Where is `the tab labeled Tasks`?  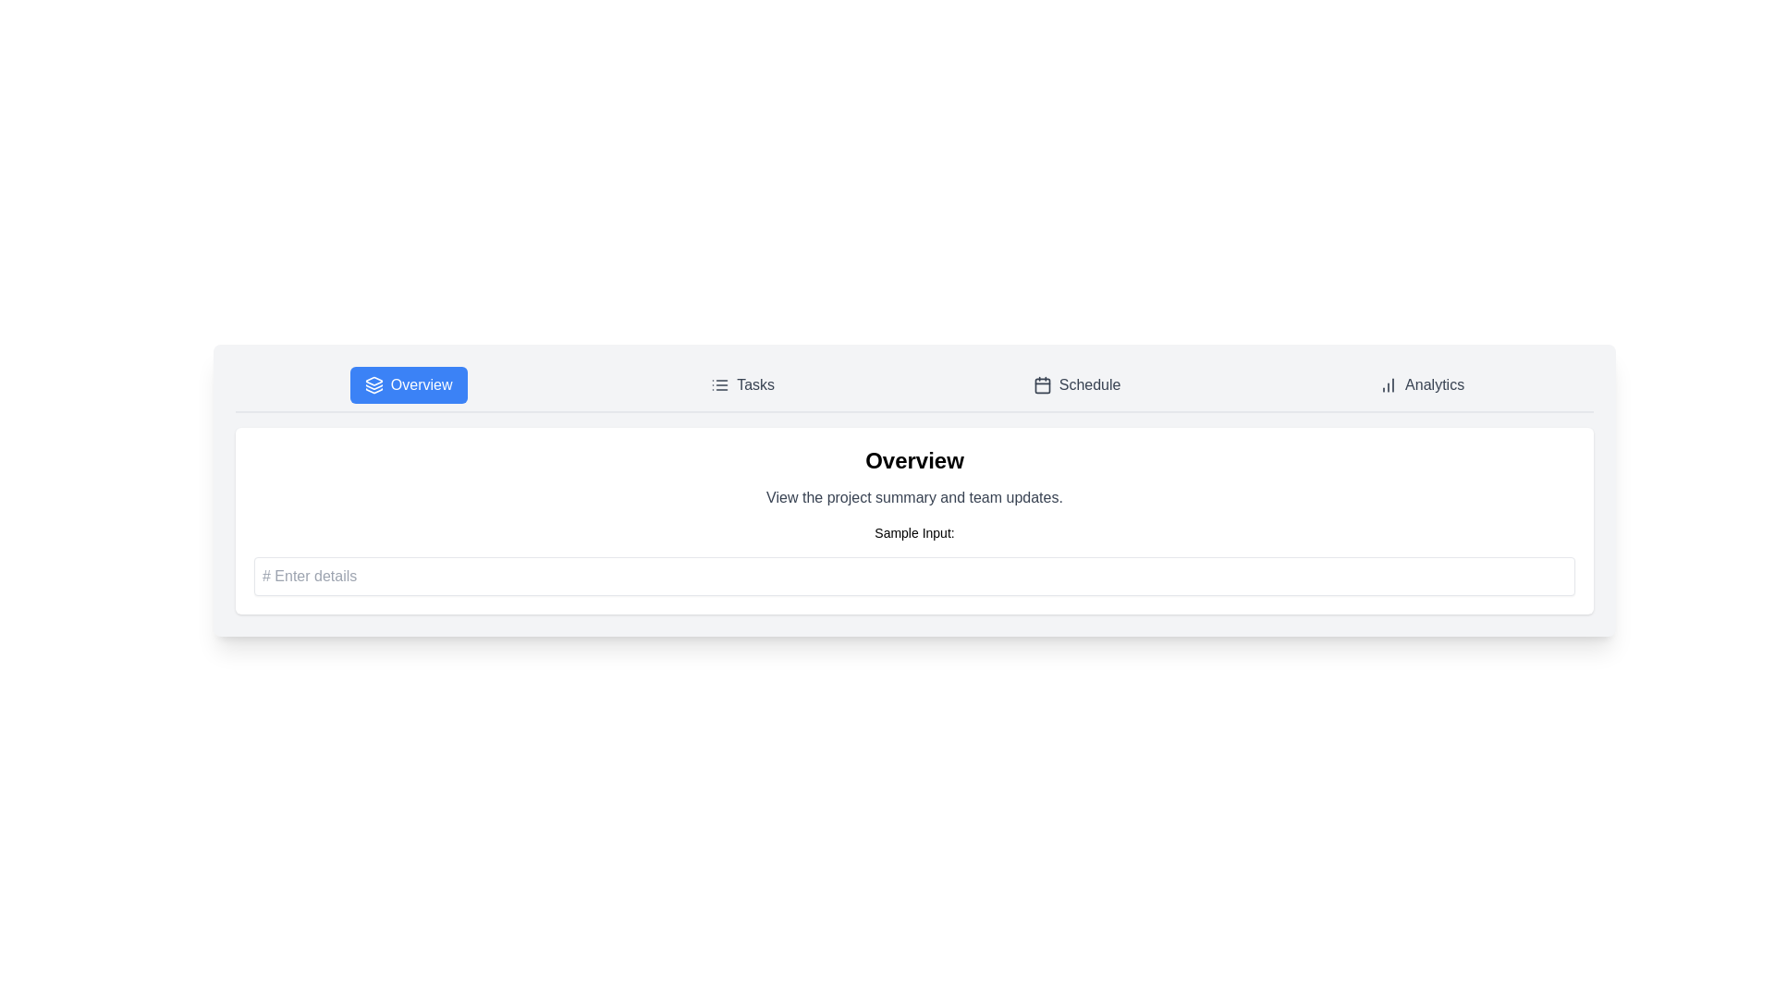 the tab labeled Tasks is located at coordinates (741, 383).